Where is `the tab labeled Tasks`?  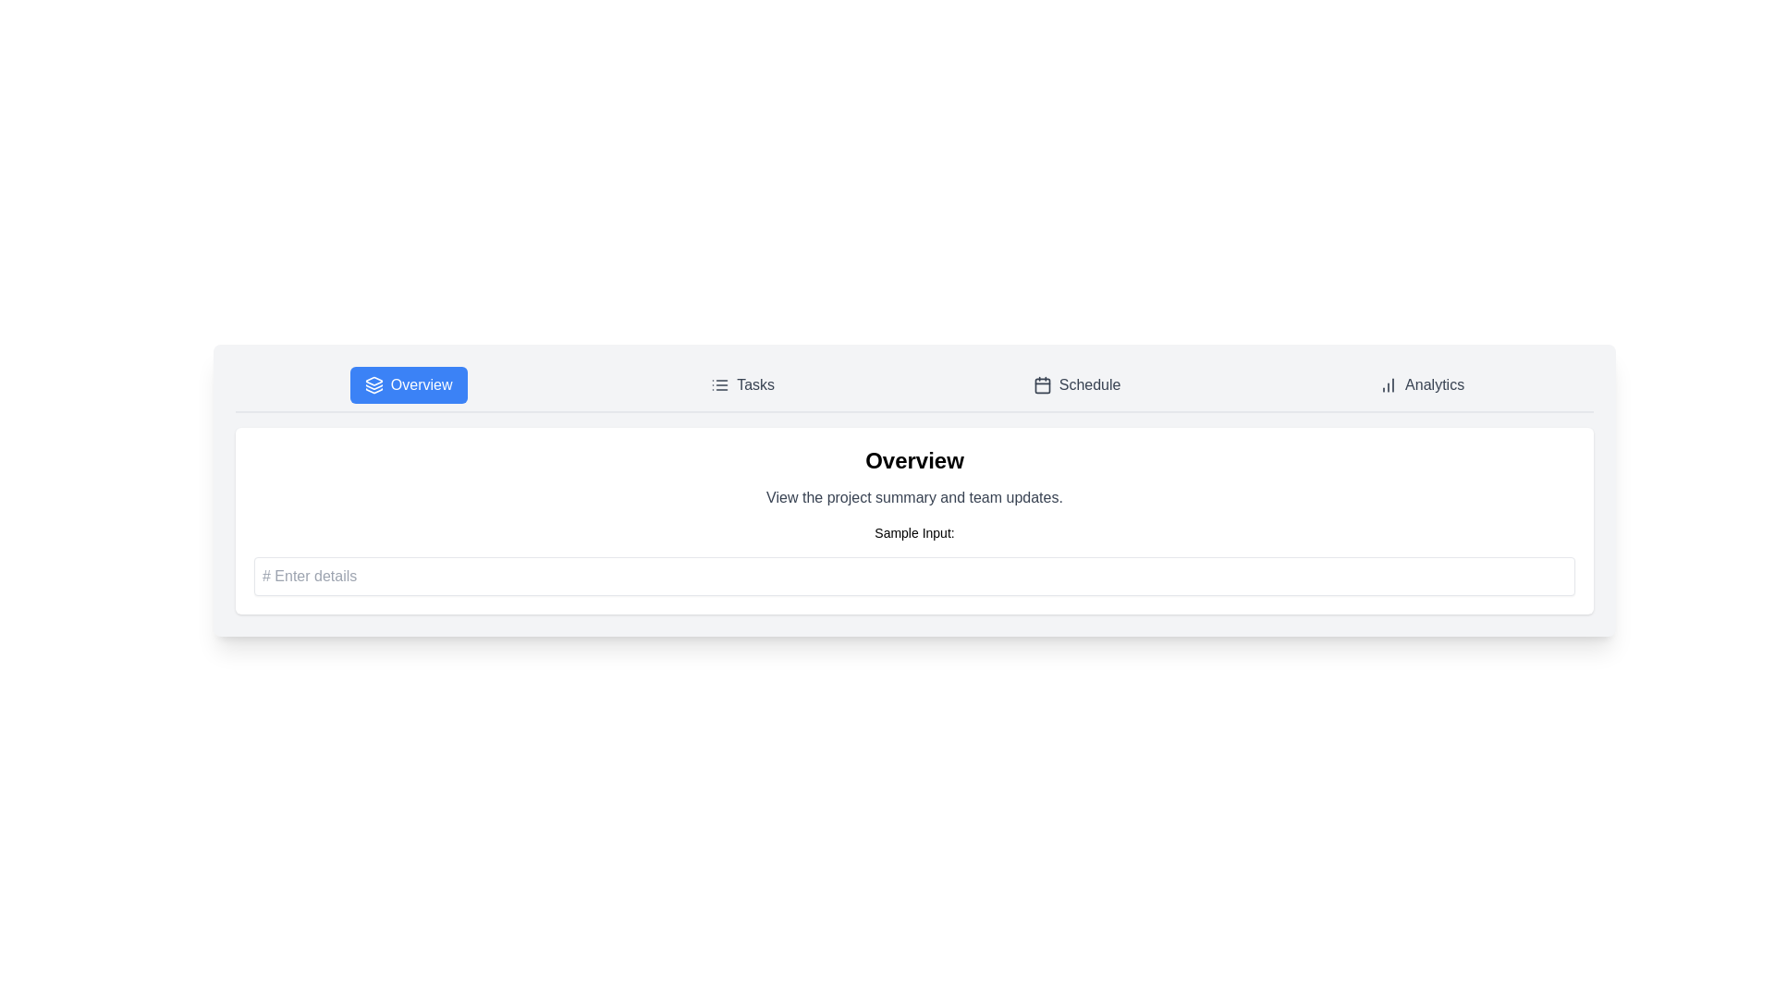 the tab labeled Tasks is located at coordinates (741, 383).